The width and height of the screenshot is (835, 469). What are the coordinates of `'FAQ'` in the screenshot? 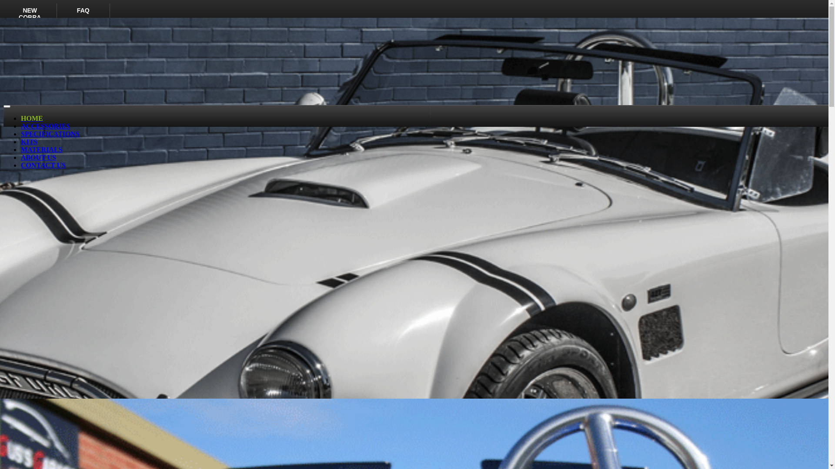 It's located at (83, 15).